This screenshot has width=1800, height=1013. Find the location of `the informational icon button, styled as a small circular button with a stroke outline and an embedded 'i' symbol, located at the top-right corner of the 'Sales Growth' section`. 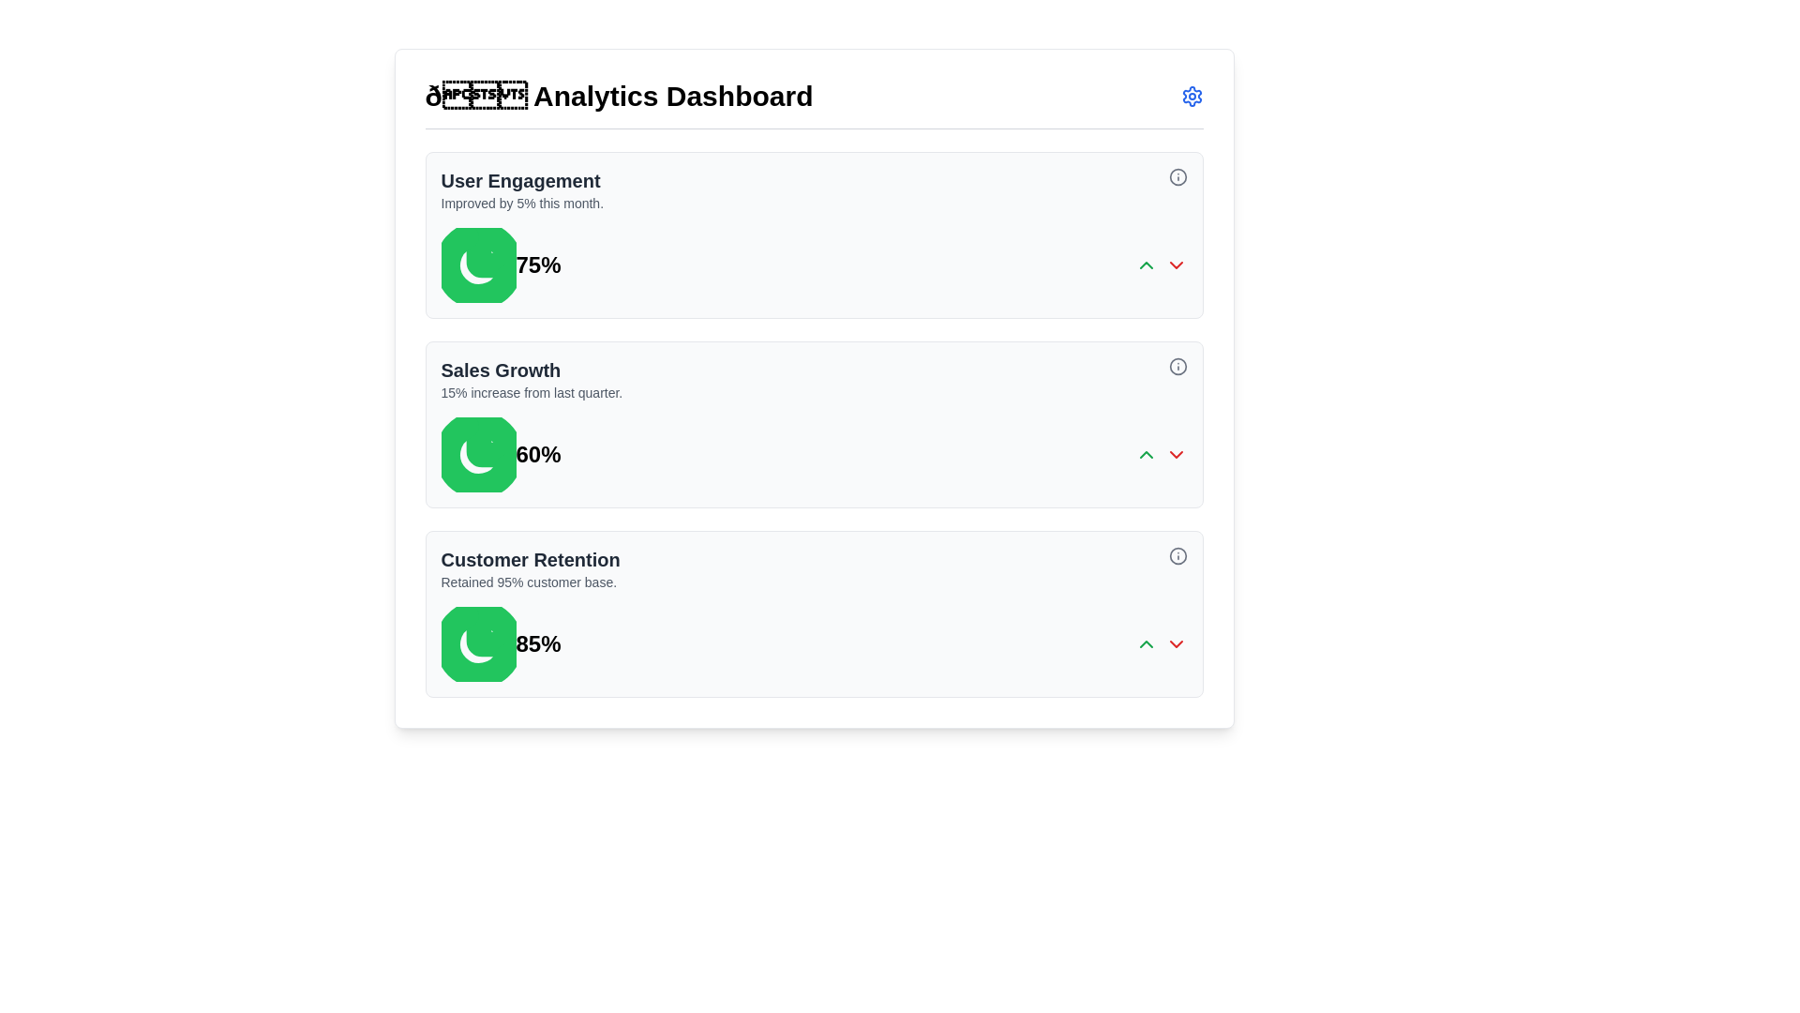

the informational icon button, styled as a small circular button with a stroke outline and an embedded 'i' symbol, located at the top-right corner of the 'Sales Growth' section is located at coordinates (1177, 366).